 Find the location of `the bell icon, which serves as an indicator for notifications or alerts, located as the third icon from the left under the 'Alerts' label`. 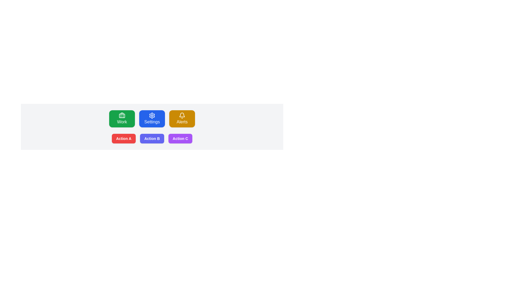

the bell icon, which serves as an indicator for notifications or alerts, located as the third icon from the left under the 'Alerts' label is located at coordinates (182, 115).